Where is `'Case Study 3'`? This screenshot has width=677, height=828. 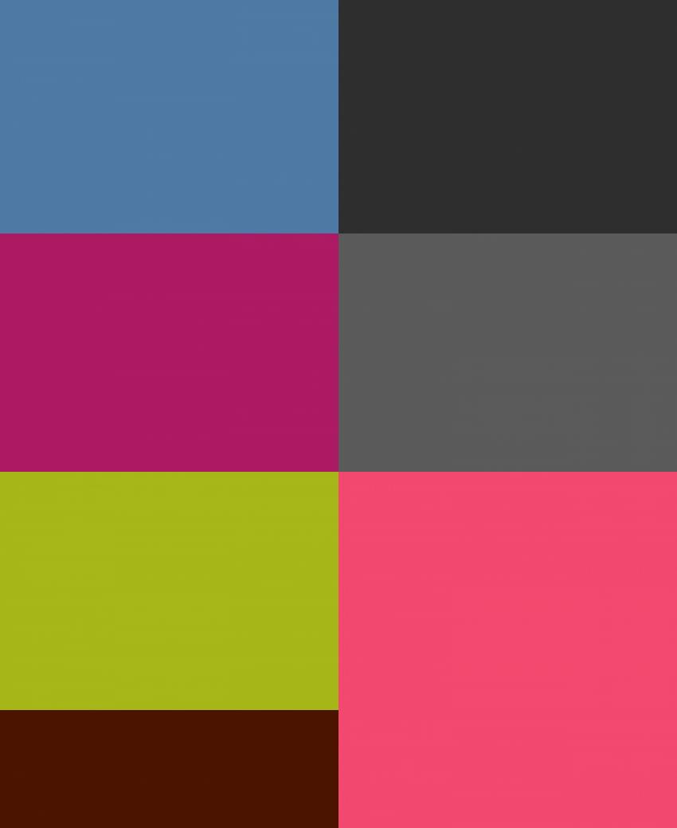
'Case Study 3' is located at coordinates (133, 351).